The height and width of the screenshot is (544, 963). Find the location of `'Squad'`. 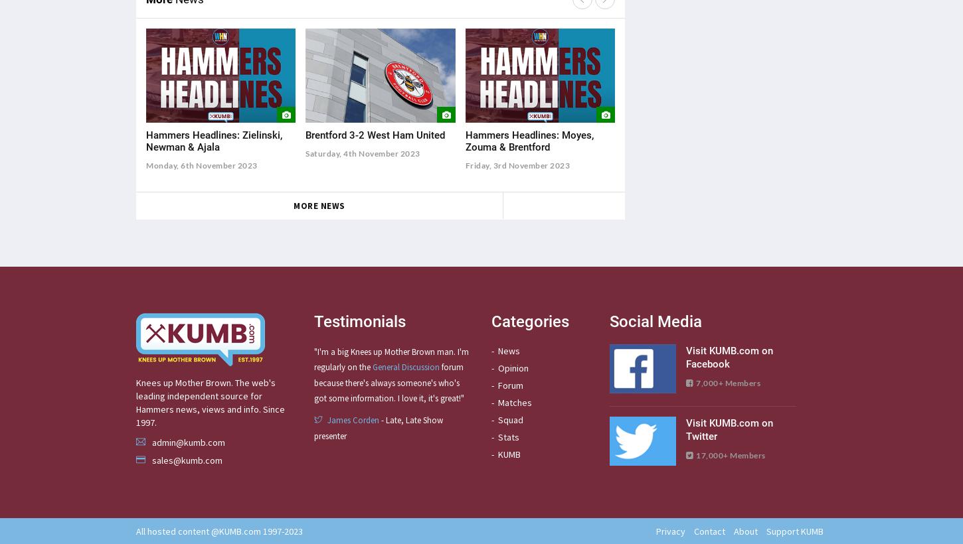

'Squad' is located at coordinates (510, 418).